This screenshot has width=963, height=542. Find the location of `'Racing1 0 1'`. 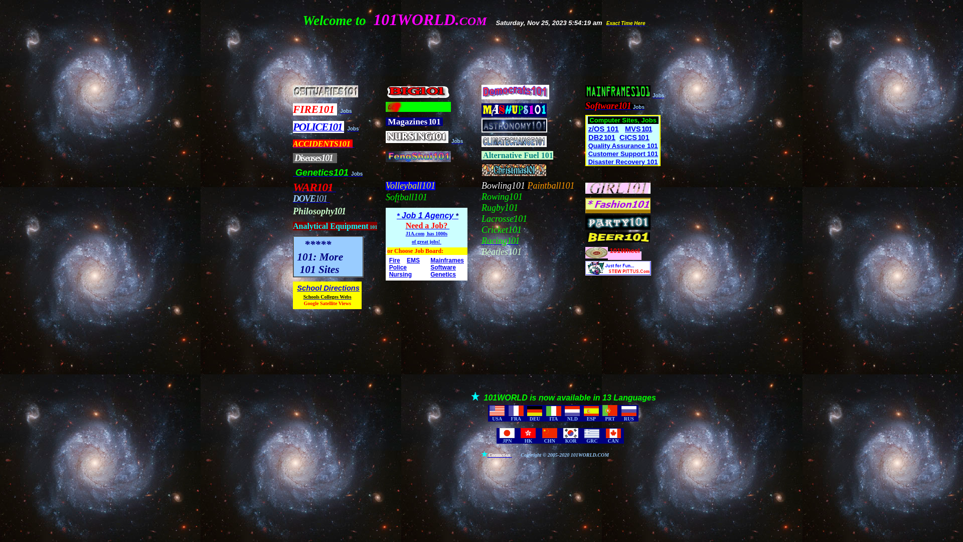

'Racing1 0 1' is located at coordinates (500, 241).